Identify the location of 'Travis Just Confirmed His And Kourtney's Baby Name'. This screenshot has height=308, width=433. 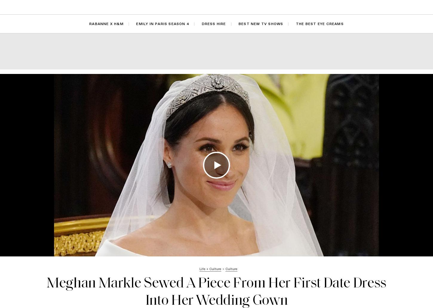
(215, 189).